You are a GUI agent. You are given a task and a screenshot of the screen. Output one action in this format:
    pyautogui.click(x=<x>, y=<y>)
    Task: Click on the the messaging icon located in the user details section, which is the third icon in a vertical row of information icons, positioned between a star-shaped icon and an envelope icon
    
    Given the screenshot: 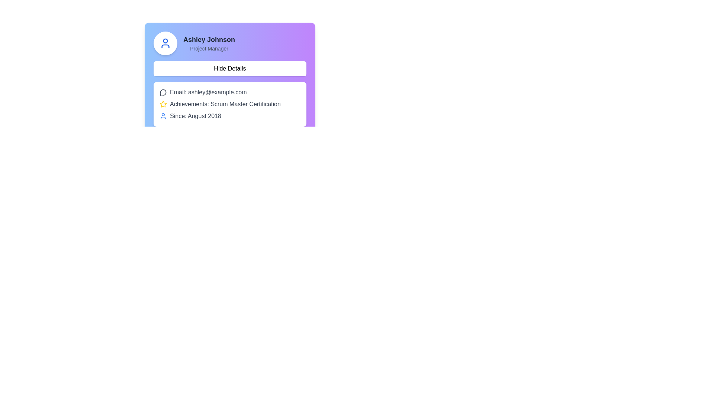 What is the action you would take?
    pyautogui.click(x=163, y=92)
    